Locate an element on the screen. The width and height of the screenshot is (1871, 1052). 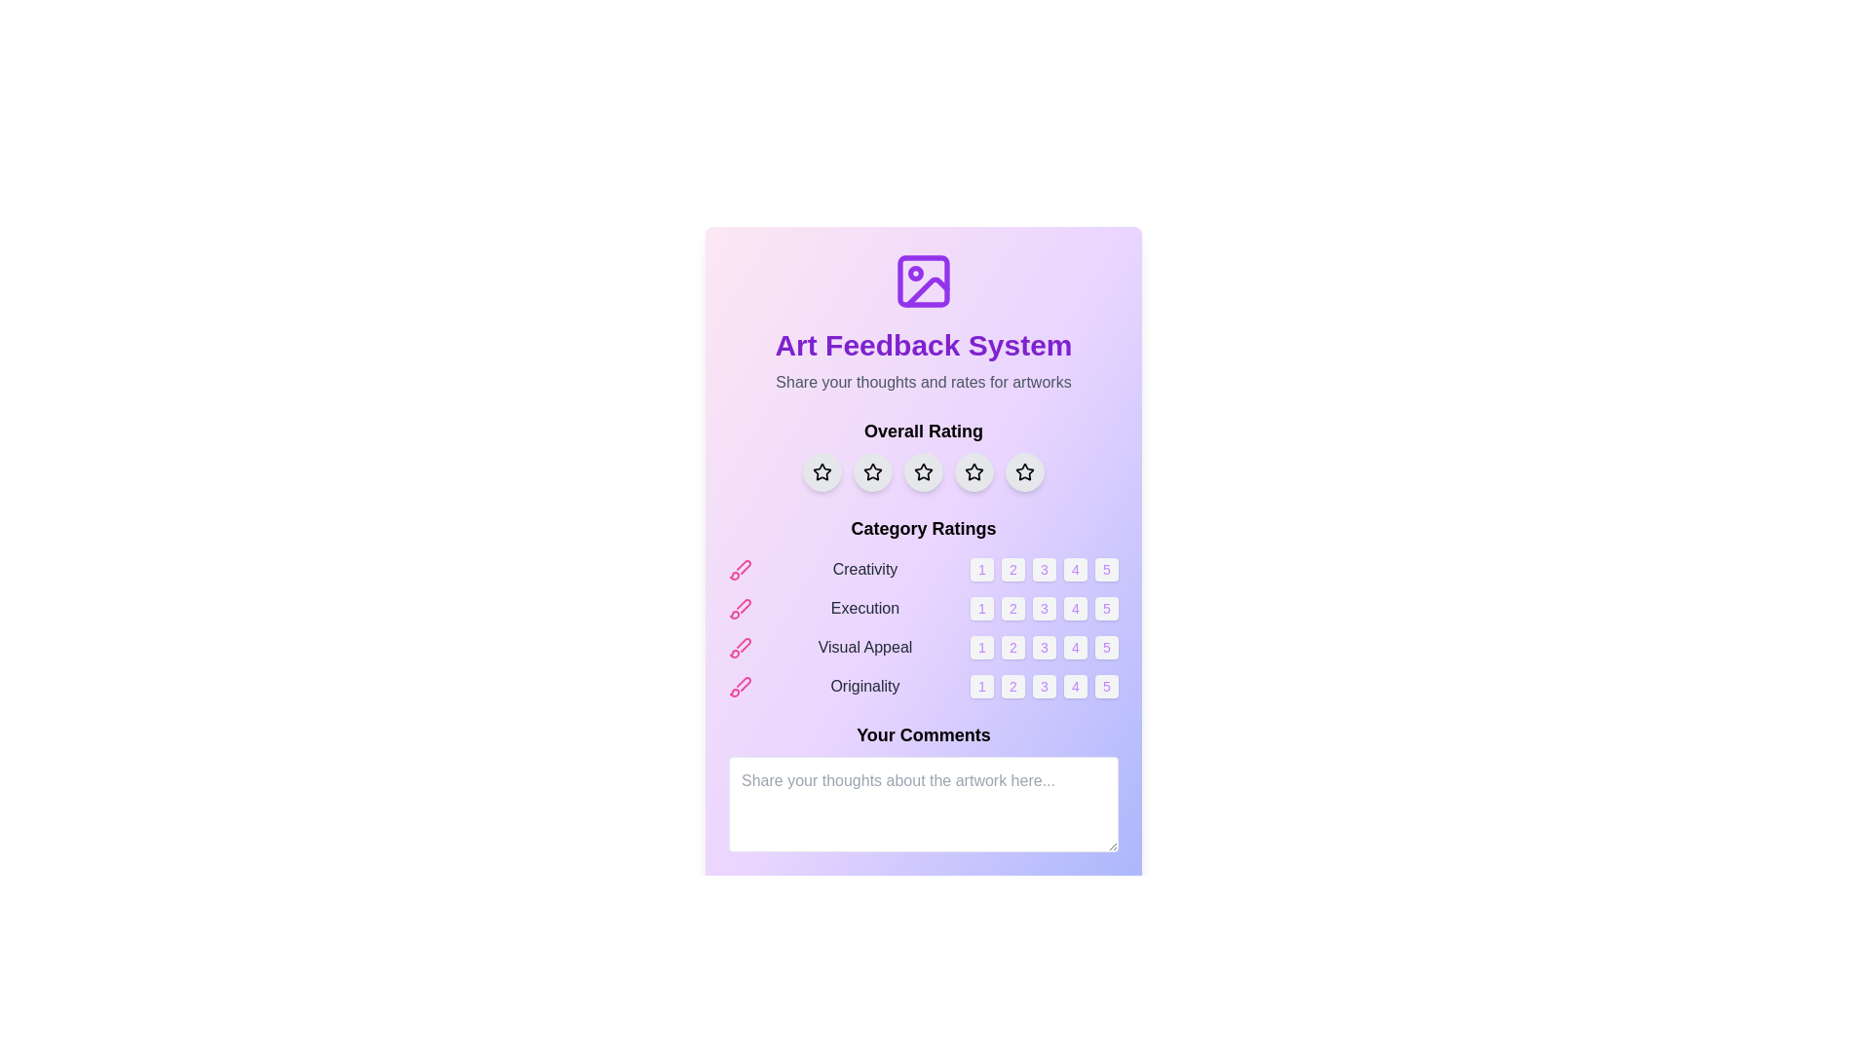
the fifth star icon in the rating scale under the 'Overall Rating' section is located at coordinates (1023, 472).